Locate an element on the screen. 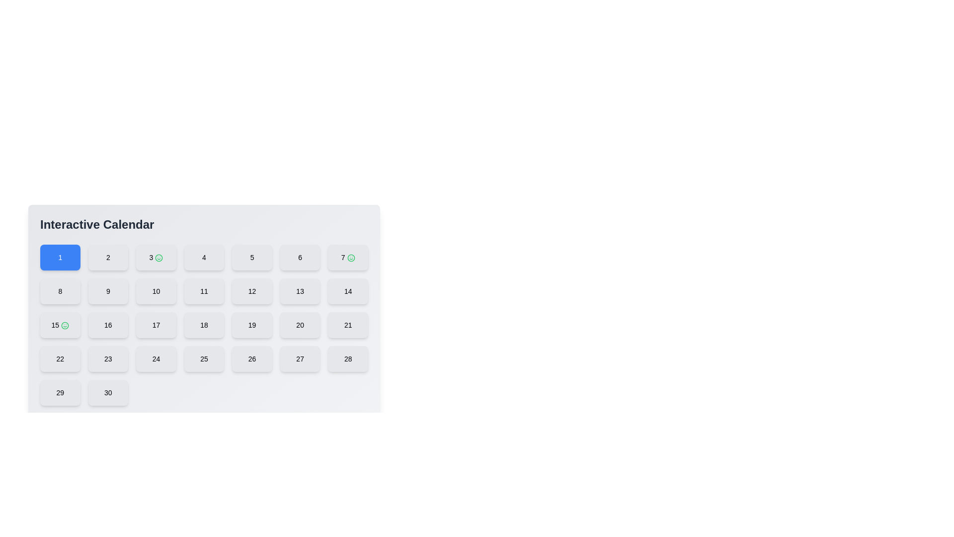  the clickable calendar date button representing the date '28', located in the seventh column of the fifth row to change its appearance is located at coordinates (348, 358).